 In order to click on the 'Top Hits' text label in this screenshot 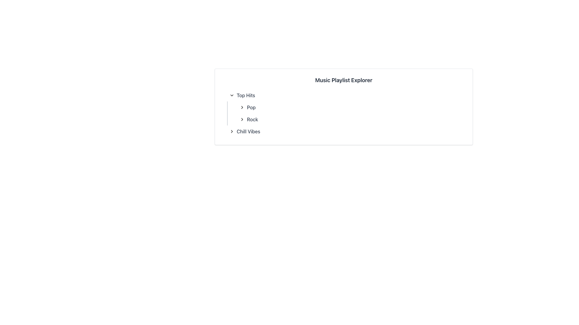, I will do `click(246, 95)`.